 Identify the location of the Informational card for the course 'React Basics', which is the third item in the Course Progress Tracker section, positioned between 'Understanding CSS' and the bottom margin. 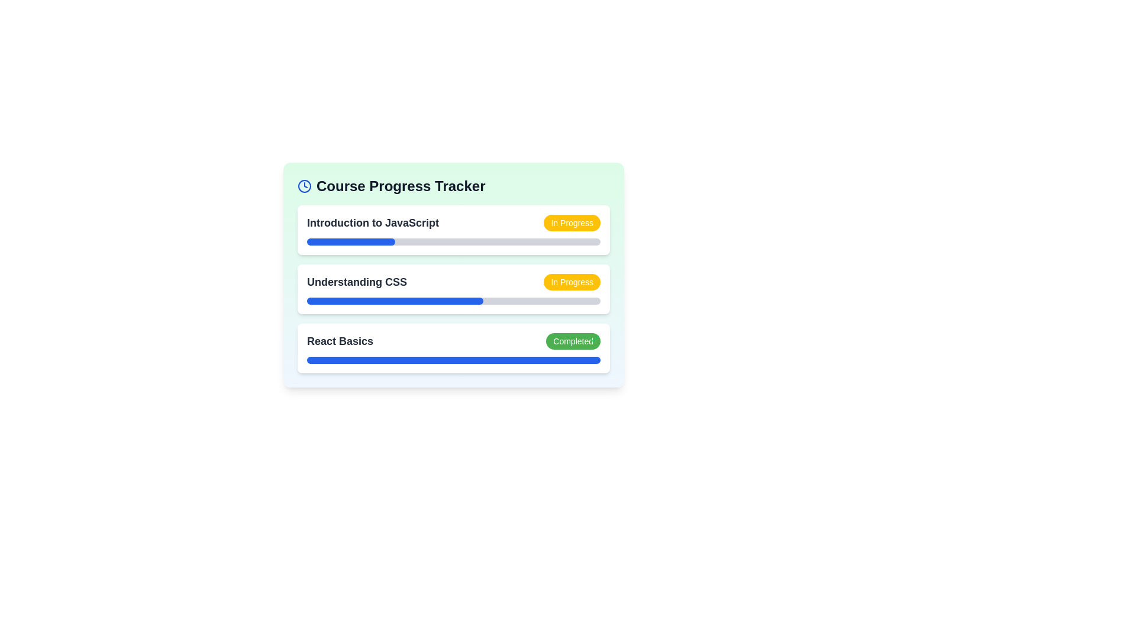
(453, 348).